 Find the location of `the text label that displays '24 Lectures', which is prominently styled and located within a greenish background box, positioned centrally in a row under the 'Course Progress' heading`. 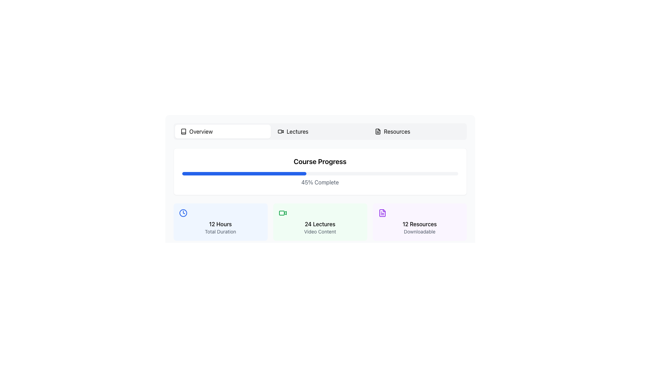

the text label that displays '24 Lectures', which is prominently styled and located within a greenish background box, positioned centrally in a row under the 'Course Progress' heading is located at coordinates (320, 224).